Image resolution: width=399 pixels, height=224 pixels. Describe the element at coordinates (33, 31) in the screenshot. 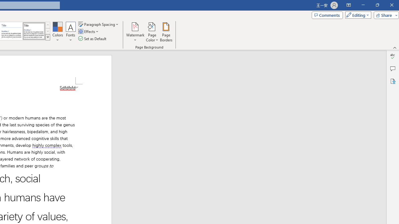

I see `'Word 2013'` at that location.